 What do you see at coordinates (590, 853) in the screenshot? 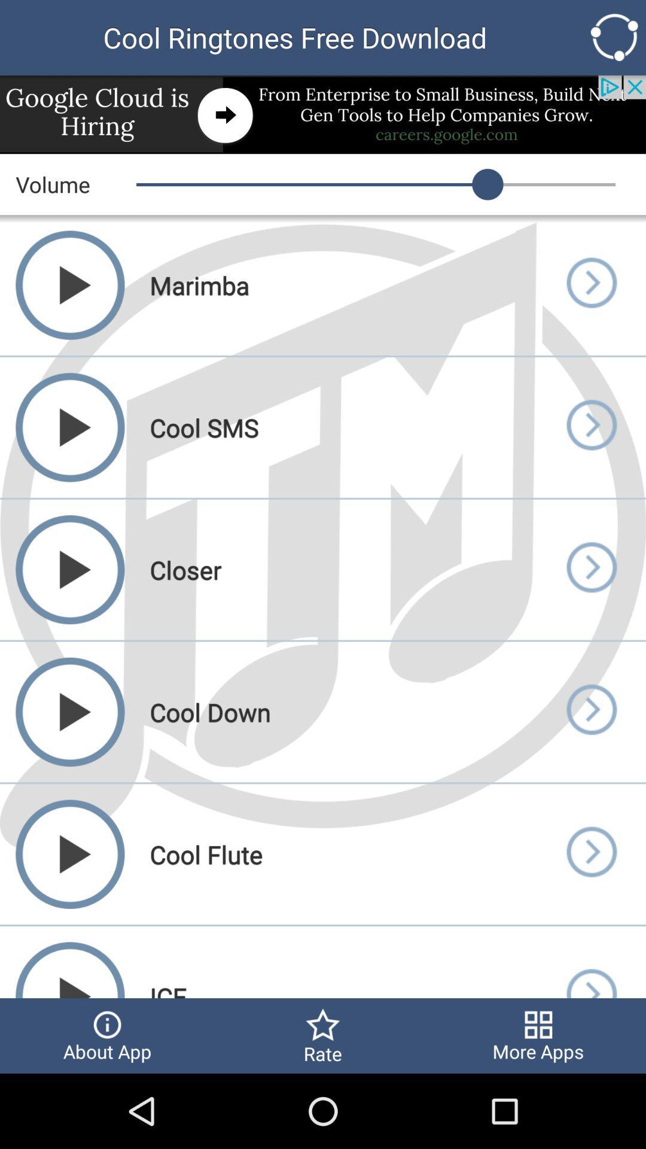
I see `next page` at bounding box center [590, 853].